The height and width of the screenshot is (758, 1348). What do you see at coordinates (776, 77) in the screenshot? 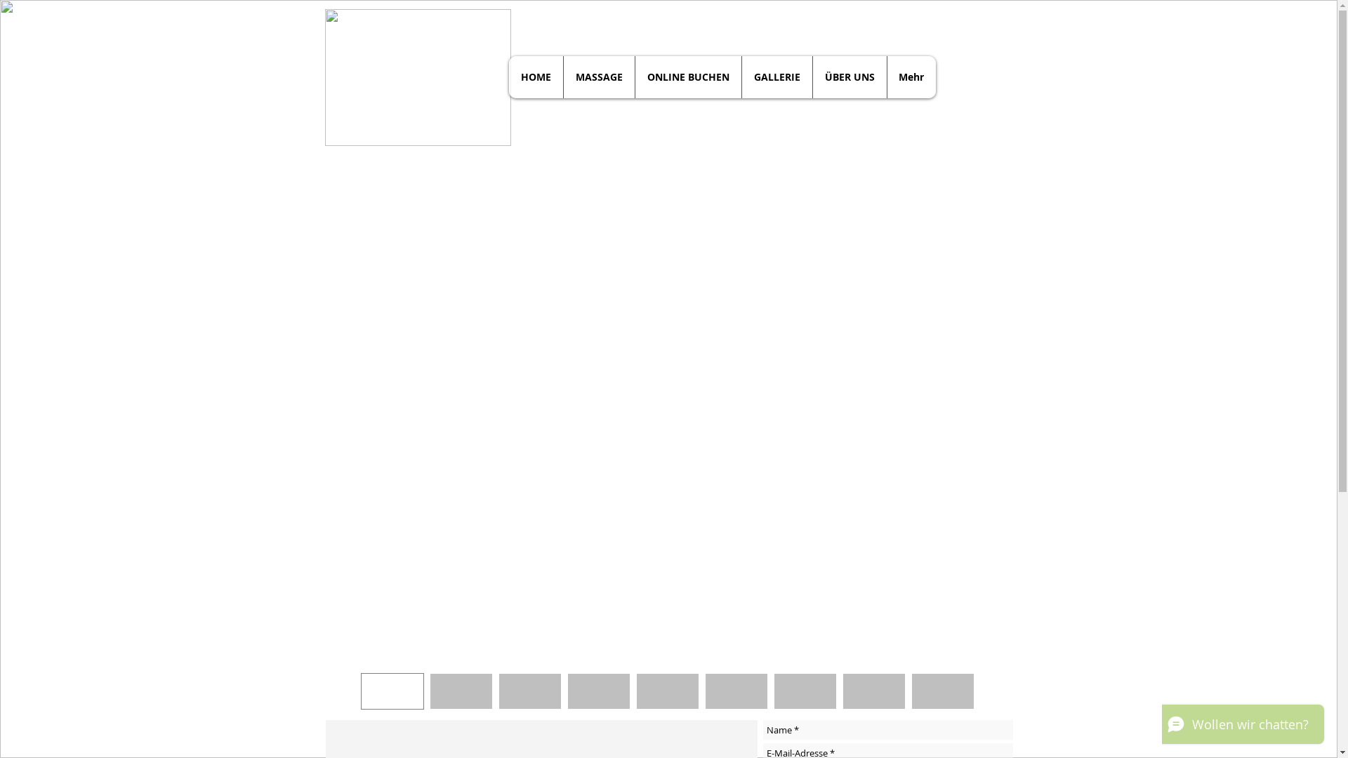
I see `'GALLERIE'` at bounding box center [776, 77].